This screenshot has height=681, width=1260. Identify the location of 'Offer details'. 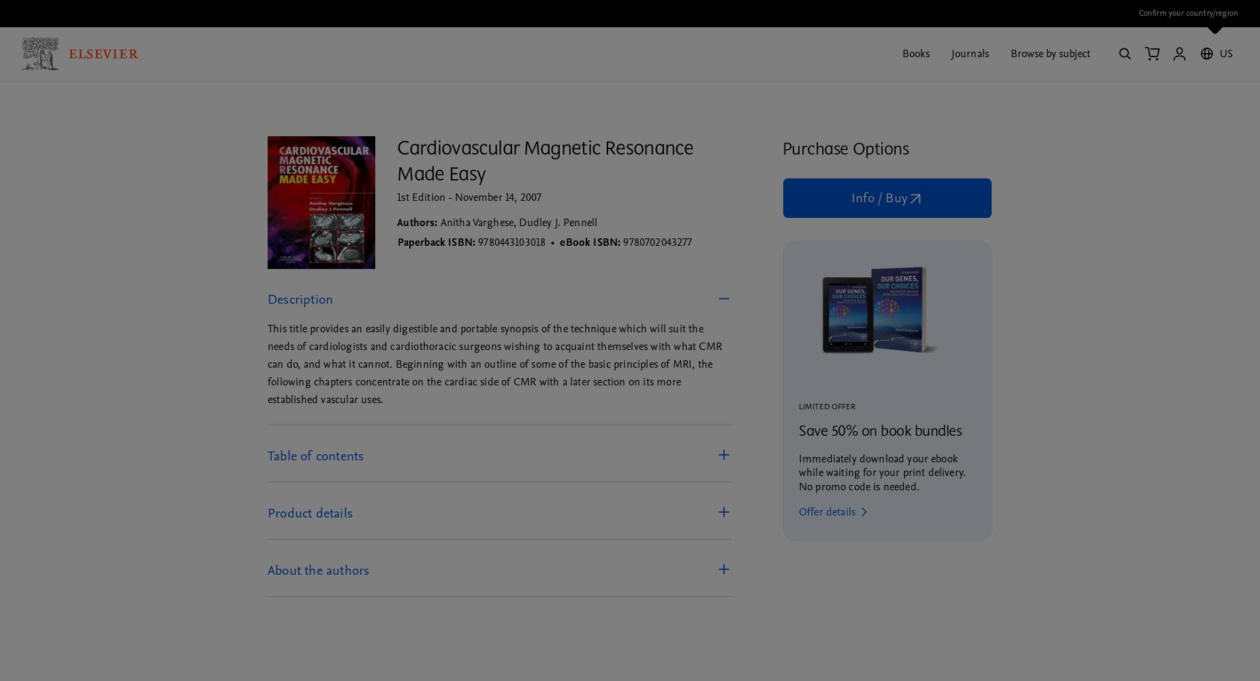
(826, 512).